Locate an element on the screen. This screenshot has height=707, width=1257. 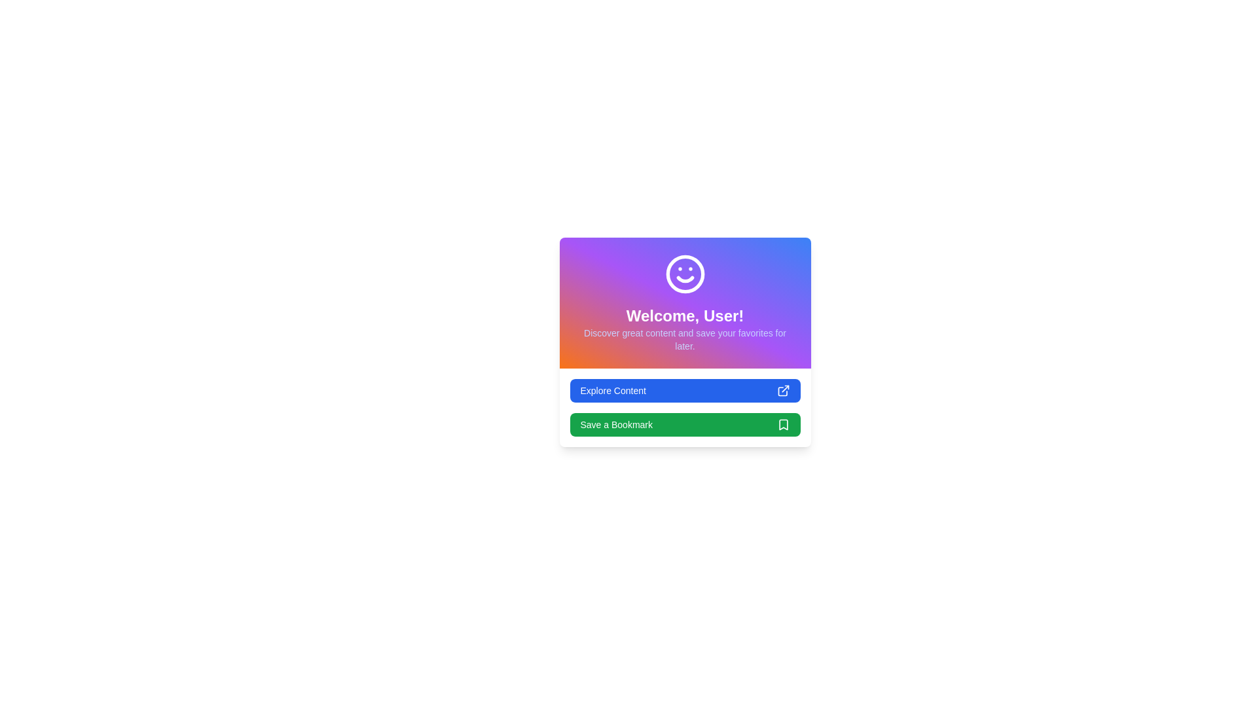
the informational text located directly below the title text 'Welcome, User!' within the card-like section, which is the second textual element in the vertical sequence is located at coordinates (684, 339).